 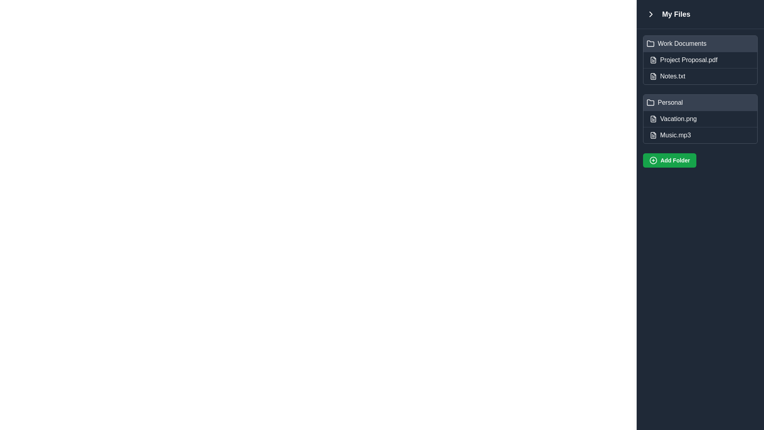 I want to click on the file icon representing 'Vacation.png' located in the 'Personal' folder section of the file explorer interface, so click(x=653, y=119).